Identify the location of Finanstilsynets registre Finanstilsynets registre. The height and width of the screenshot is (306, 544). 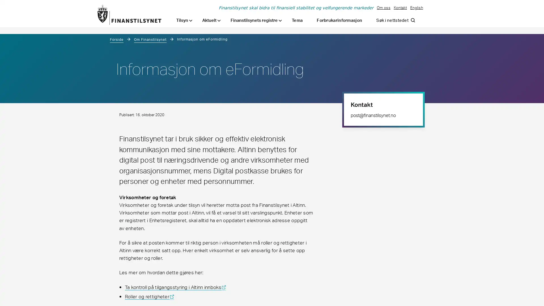
(256, 20).